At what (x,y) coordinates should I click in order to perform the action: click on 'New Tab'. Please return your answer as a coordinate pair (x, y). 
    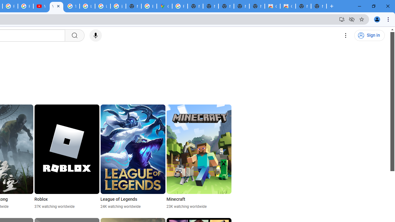
    Looking at the image, I should click on (318, 6).